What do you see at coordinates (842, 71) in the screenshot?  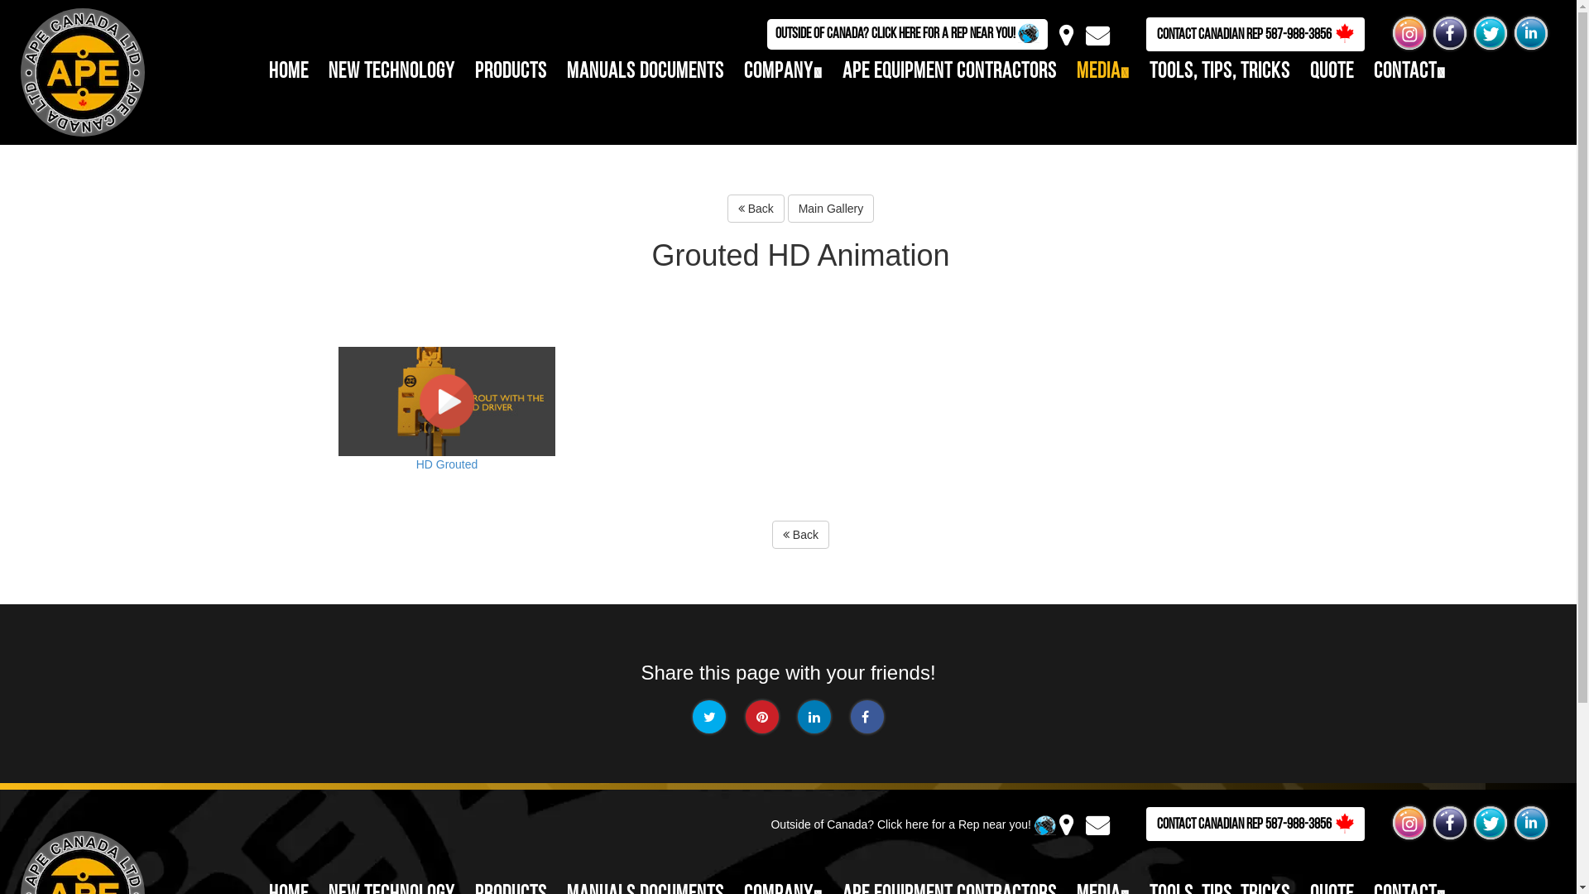 I see `'APE Equipment Contractors'` at bounding box center [842, 71].